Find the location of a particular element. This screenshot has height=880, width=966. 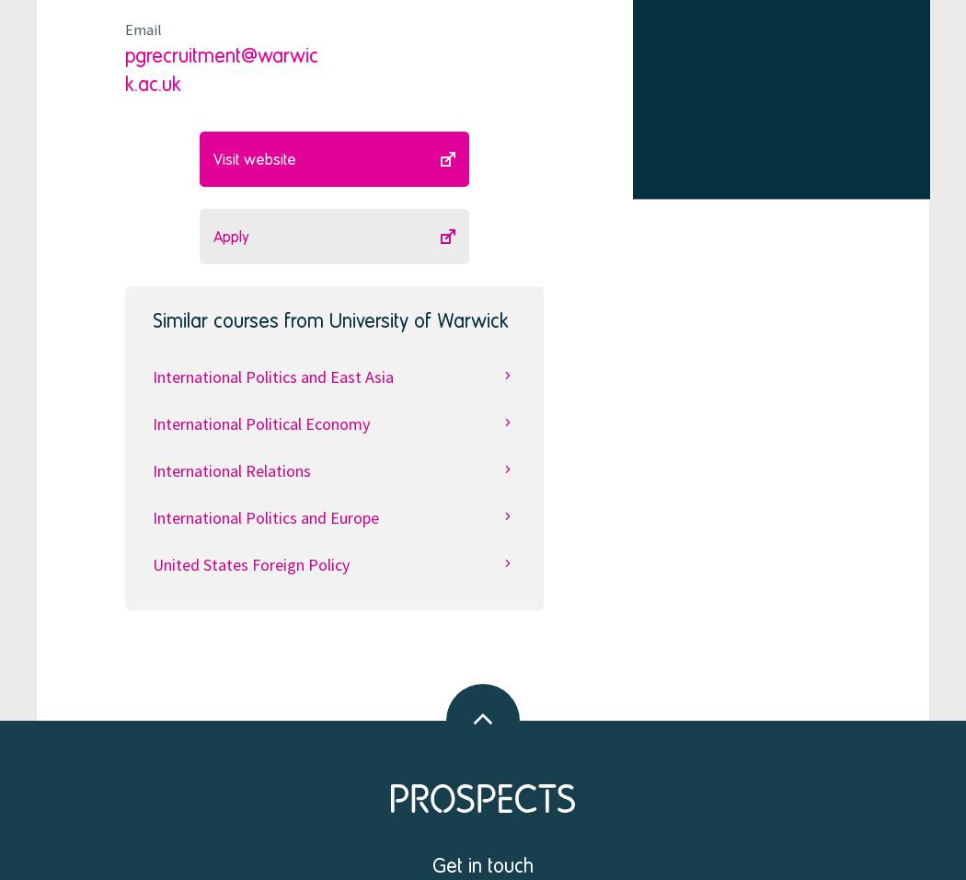

'Get in touch' is located at coordinates (483, 864).